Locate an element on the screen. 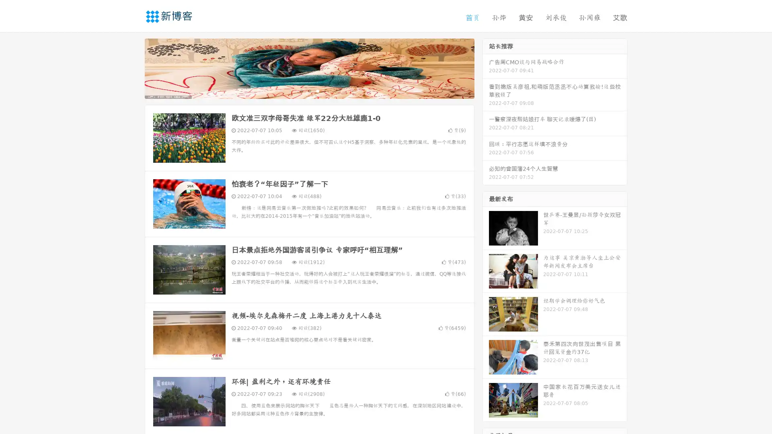 The height and width of the screenshot is (434, 772). Go to slide 3 is located at coordinates (317, 90).